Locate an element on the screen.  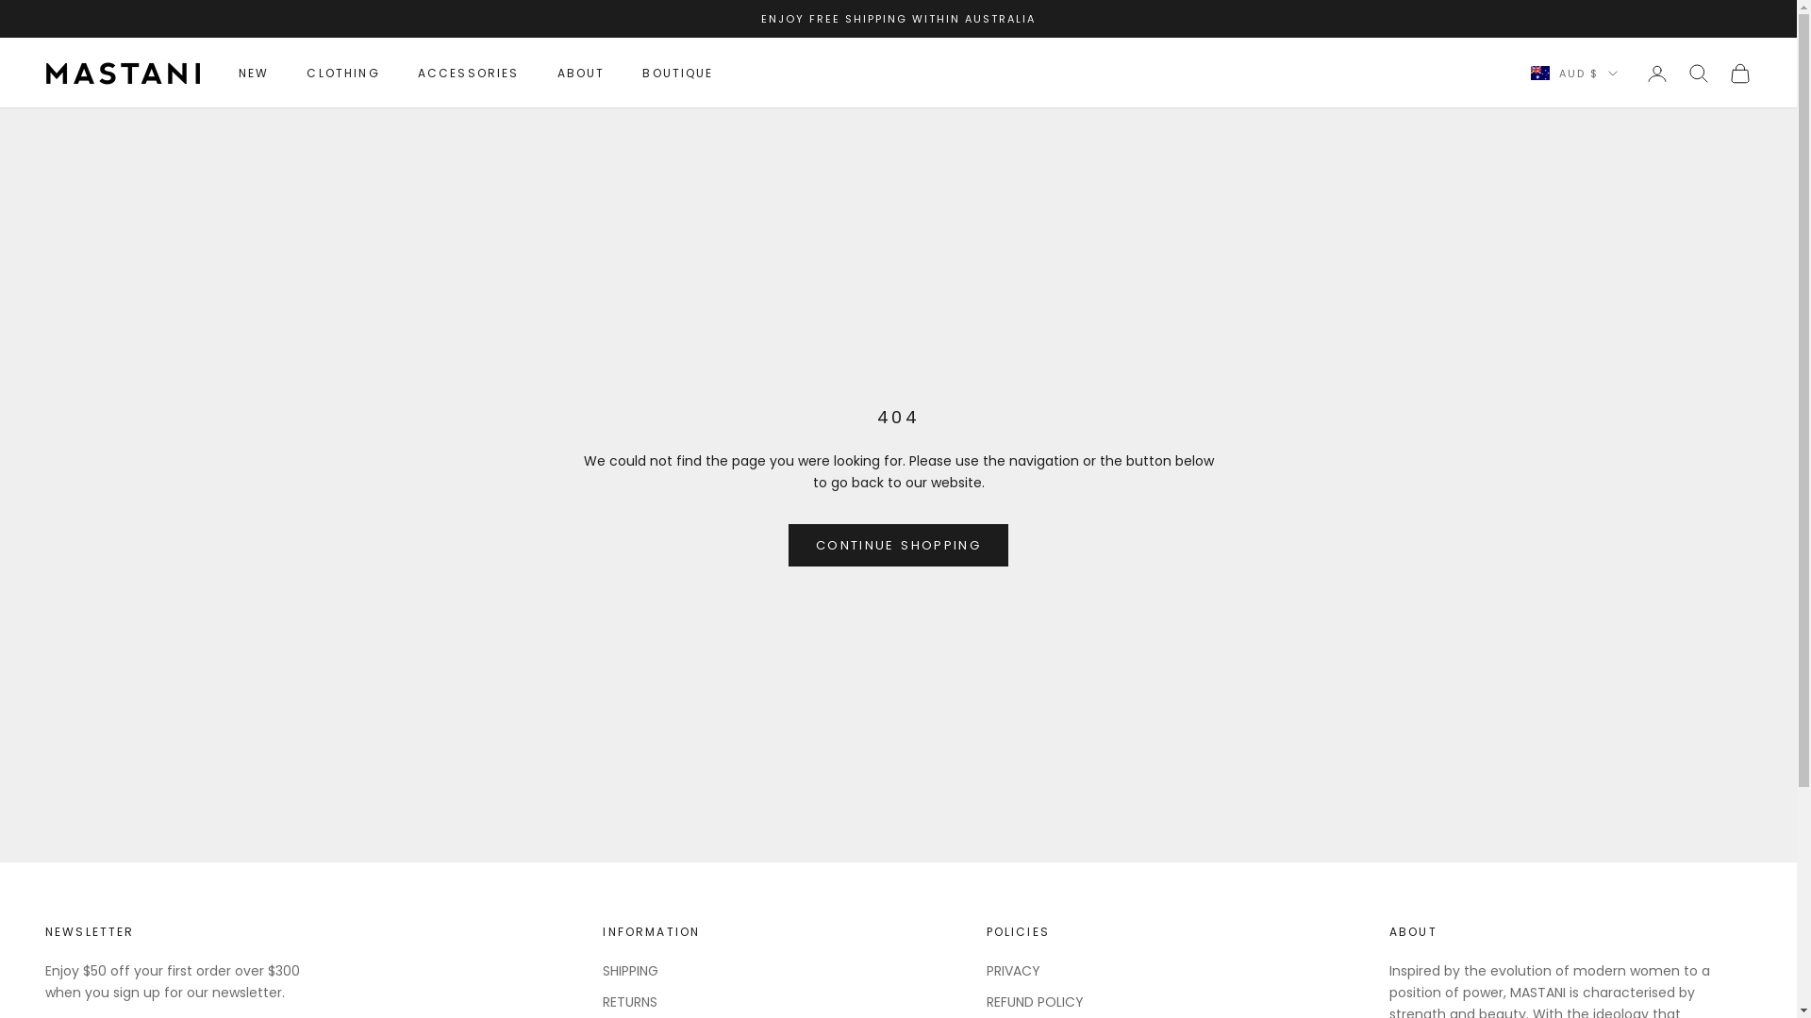
'RETURNS' is located at coordinates (601, 1001).